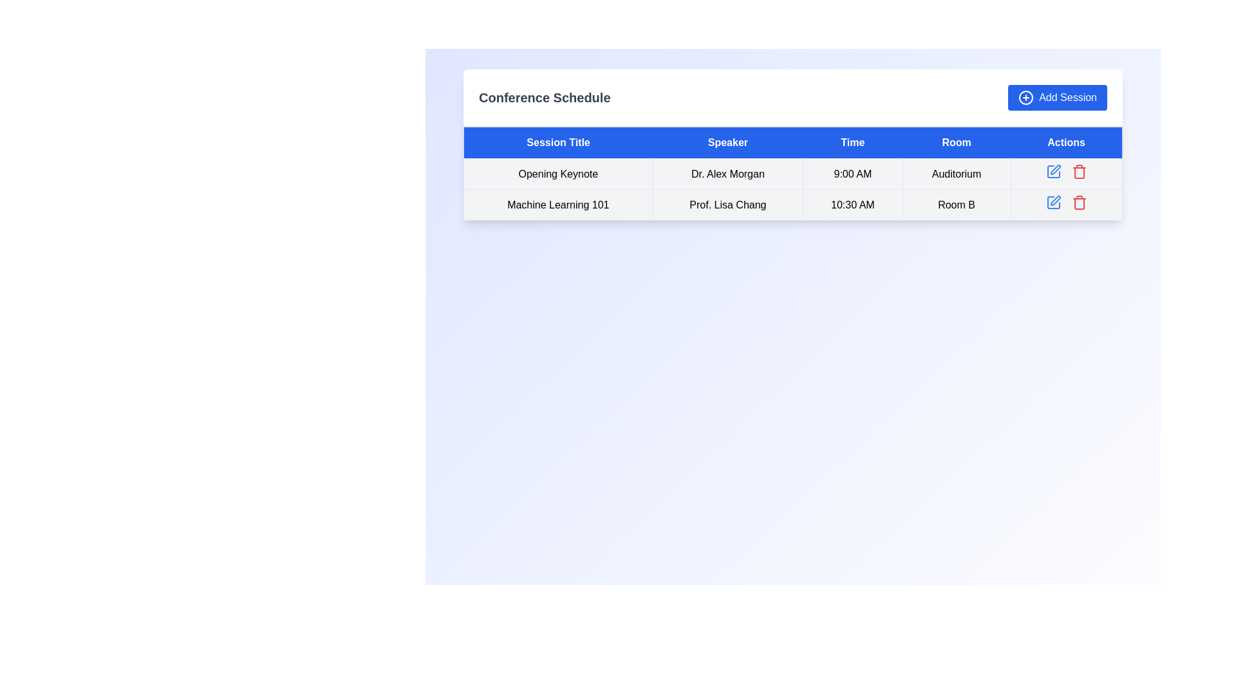 This screenshot has height=695, width=1236. Describe the element at coordinates (792, 174) in the screenshot. I see `the tabular row displaying 'Opening Keynote' by 'Dr. Alex Morgan' scheduled at '9:00 AM' in the 'Auditorium', located in the first row of the 'Conference Schedule'` at that location.